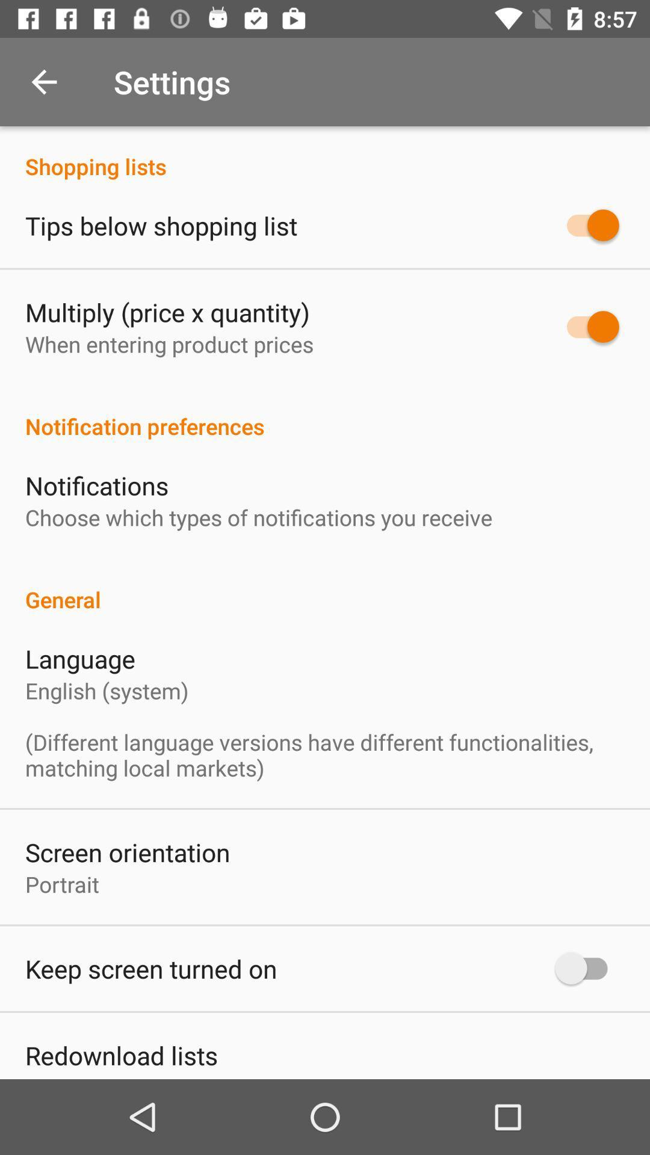  What do you see at coordinates (586, 225) in the screenshot?
I see `the first switch button` at bounding box center [586, 225].